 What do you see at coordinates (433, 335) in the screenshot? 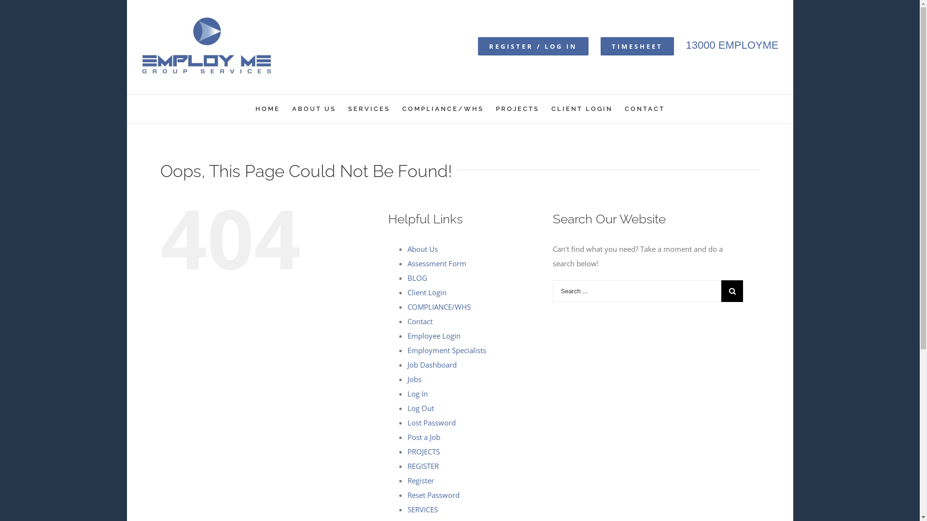
I see `'Employee Login'` at bounding box center [433, 335].